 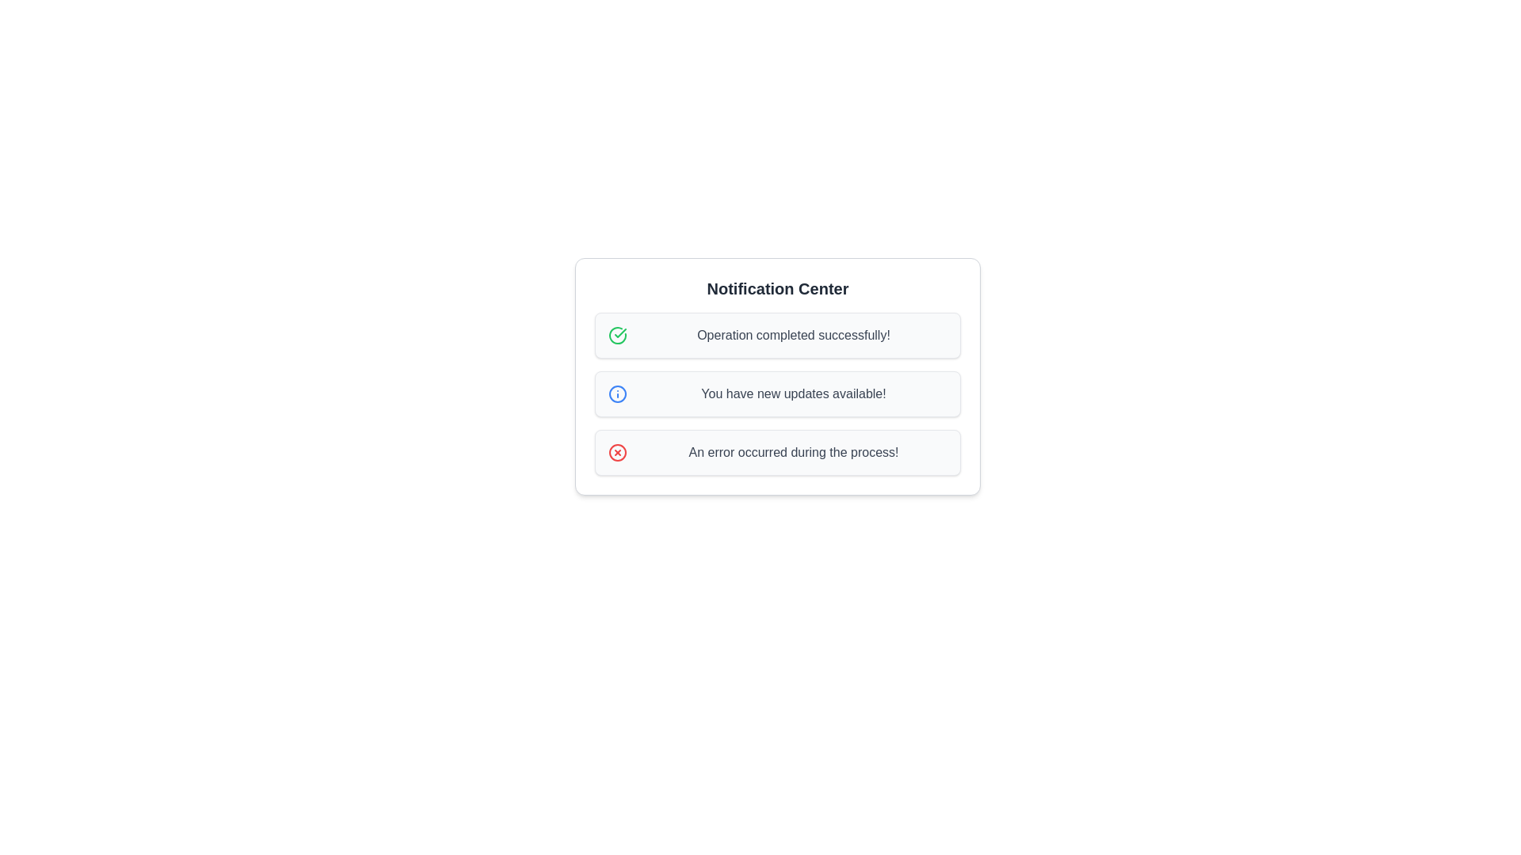 What do you see at coordinates (794, 335) in the screenshot?
I see `text label displaying 'Operation completed successfully!' which is centrally positioned within a notification card with a white background and rounded corners` at bounding box center [794, 335].